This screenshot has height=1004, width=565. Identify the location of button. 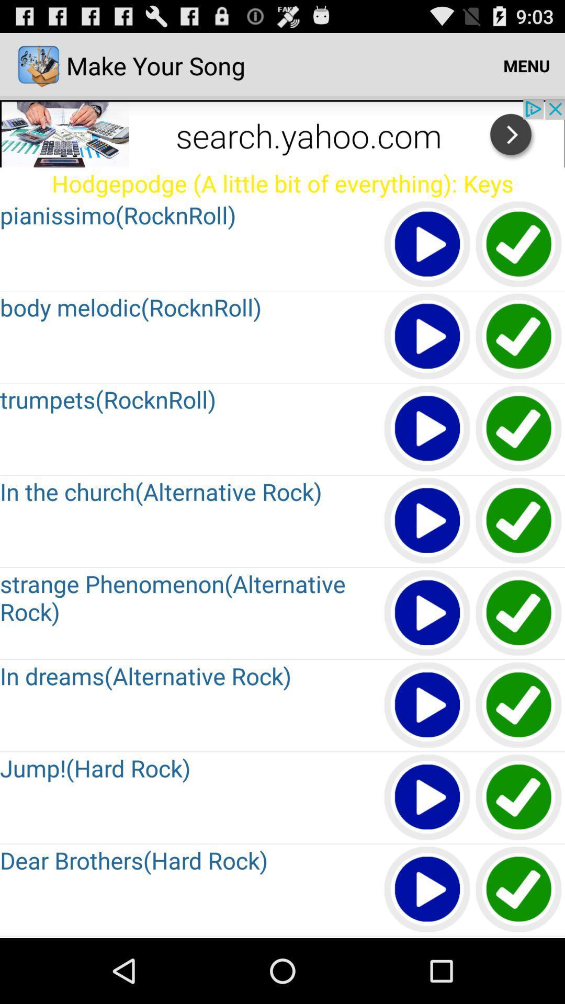
(427, 937).